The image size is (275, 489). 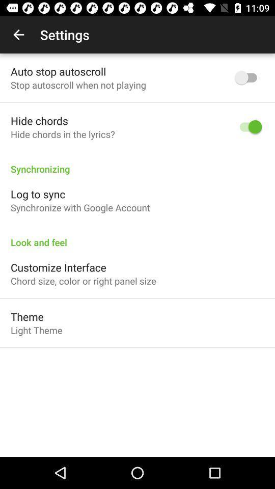 What do you see at coordinates (137, 237) in the screenshot?
I see `the look and feel icon` at bounding box center [137, 237].